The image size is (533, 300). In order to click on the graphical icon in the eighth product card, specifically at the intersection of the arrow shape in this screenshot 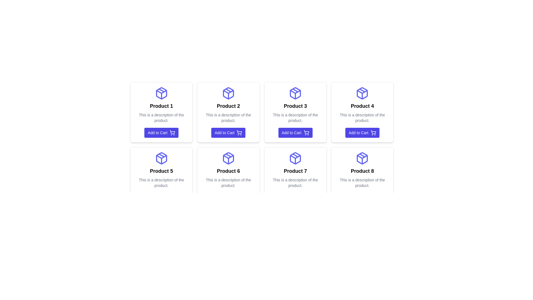, I will do `click(362, 157)`.